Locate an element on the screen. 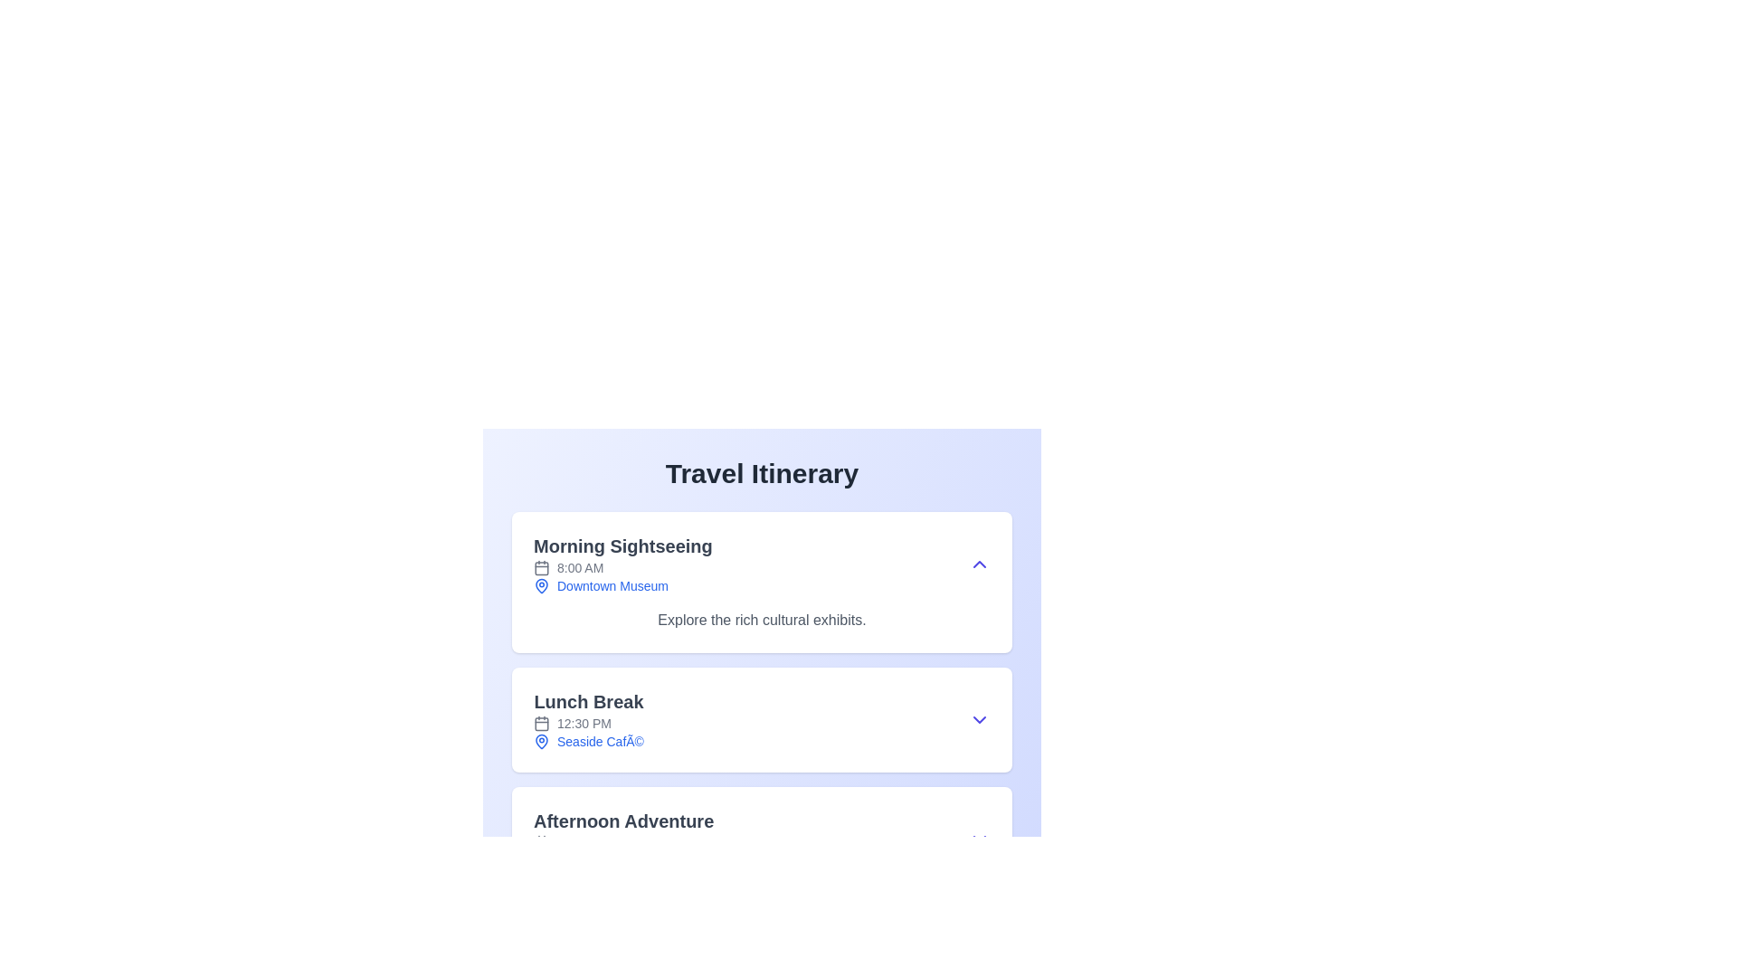 The height and width of the screenshot is (977, 1737). the day box area within the calendar icon, which is positioned near the top-left corner of the icon and represents a date in scheduling contexts is located at coordinates (541, 567).